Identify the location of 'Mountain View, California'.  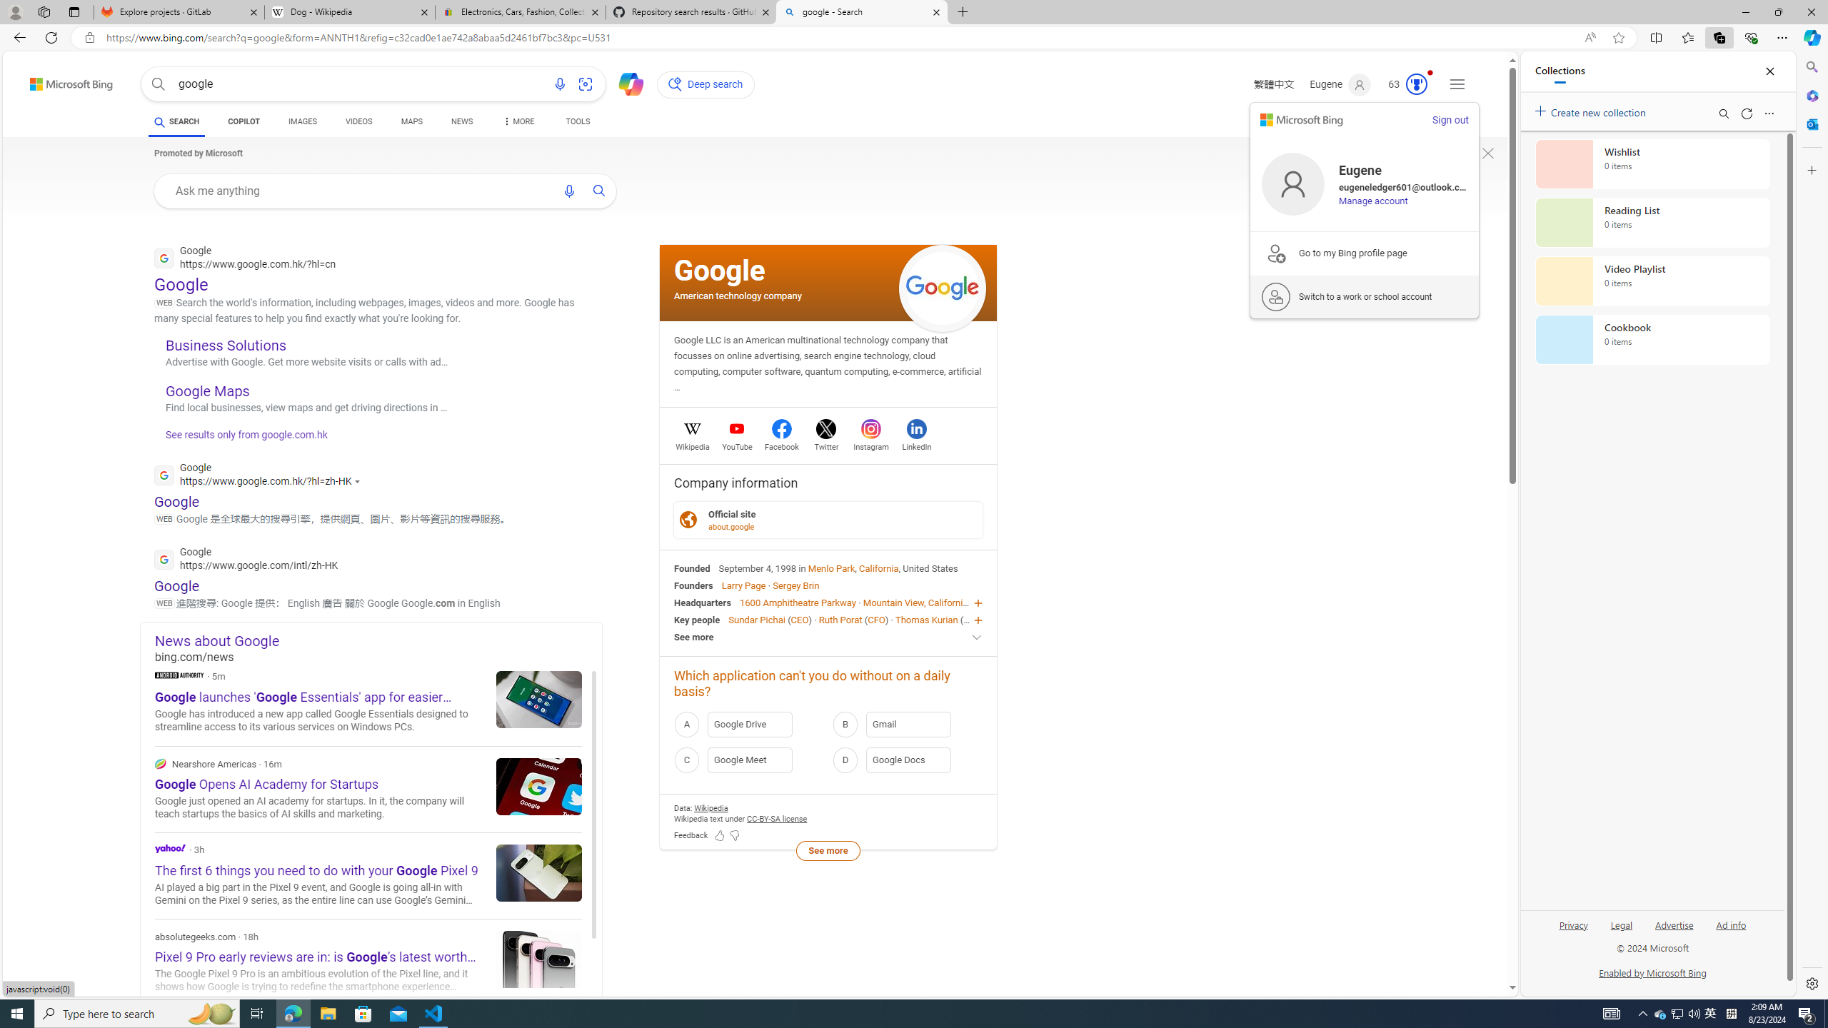
(915, 602).